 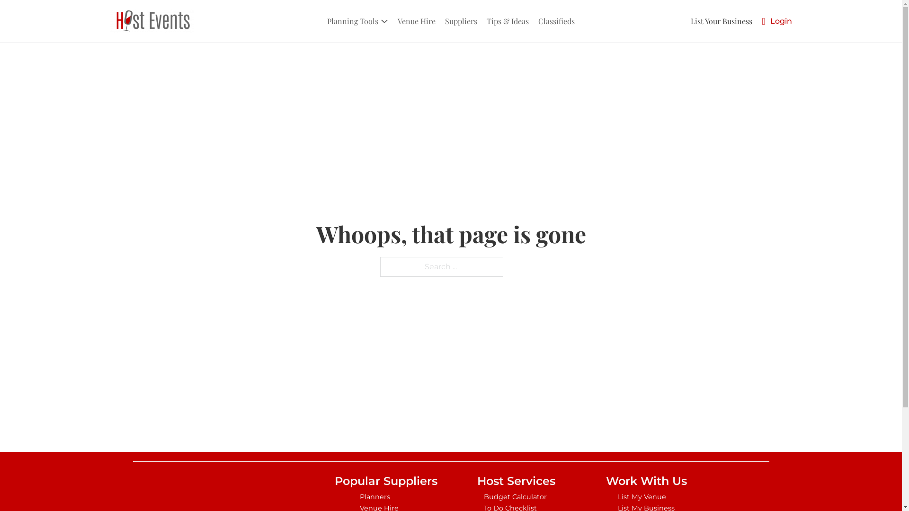 I want to click on 'List My Venue', so click(x=645, y=496).